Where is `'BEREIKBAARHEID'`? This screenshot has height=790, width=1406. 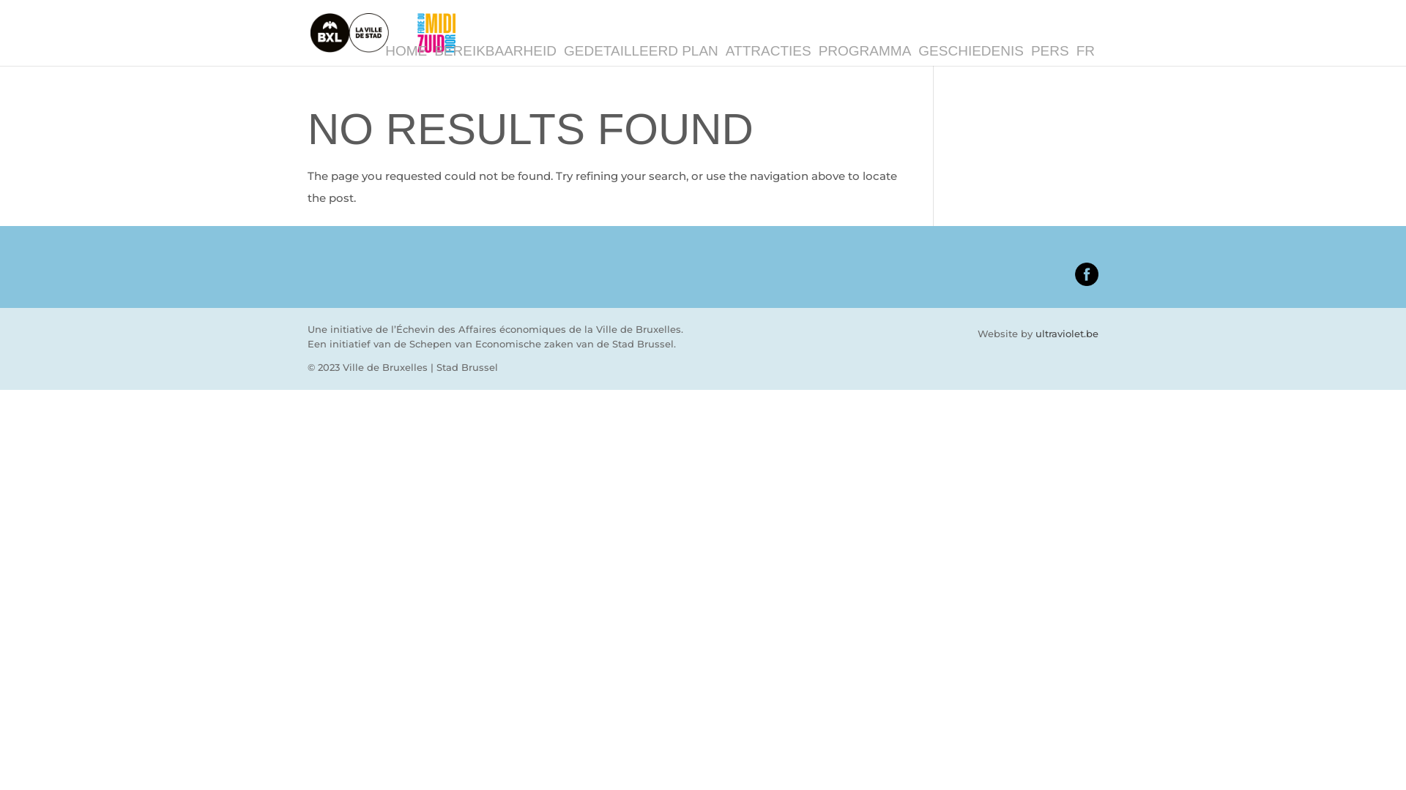 'BEREIKBAARHEID' is located at coordinates (495, 50).